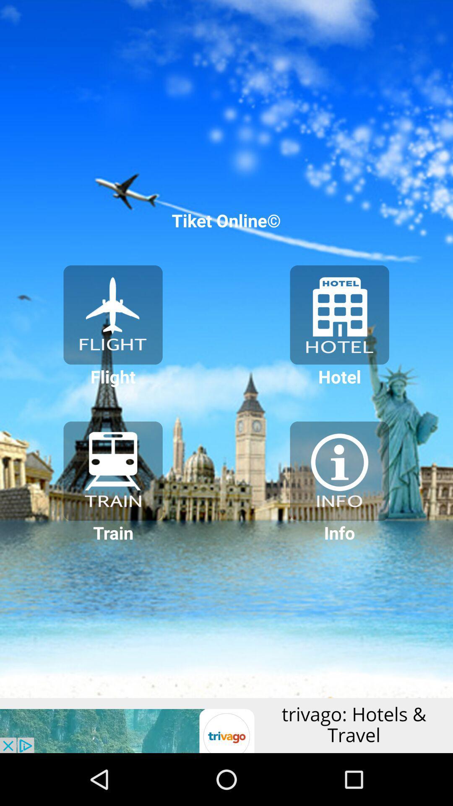 The height and width of the screenshot is (806, 453). Describe the element at coordinates (226, 725) in the screenshot. I see `click the advertisement` at that location.